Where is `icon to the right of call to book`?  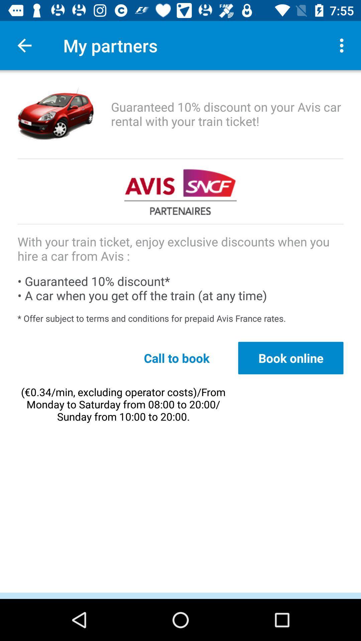 icon to the right of call to book is located at coordinates (290, 358).